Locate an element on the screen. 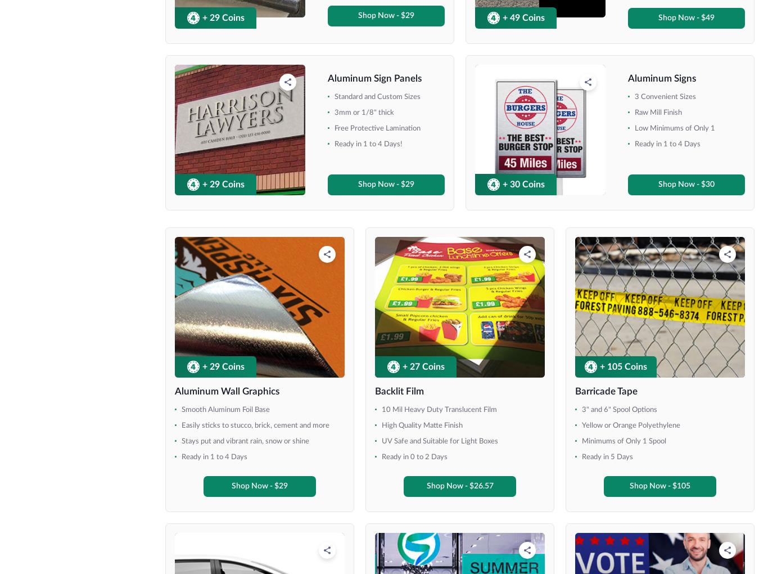 This screenshot has height=574, width=768. 'Ready in 1 to 4 Days!' is located at coordinates (615, 406).